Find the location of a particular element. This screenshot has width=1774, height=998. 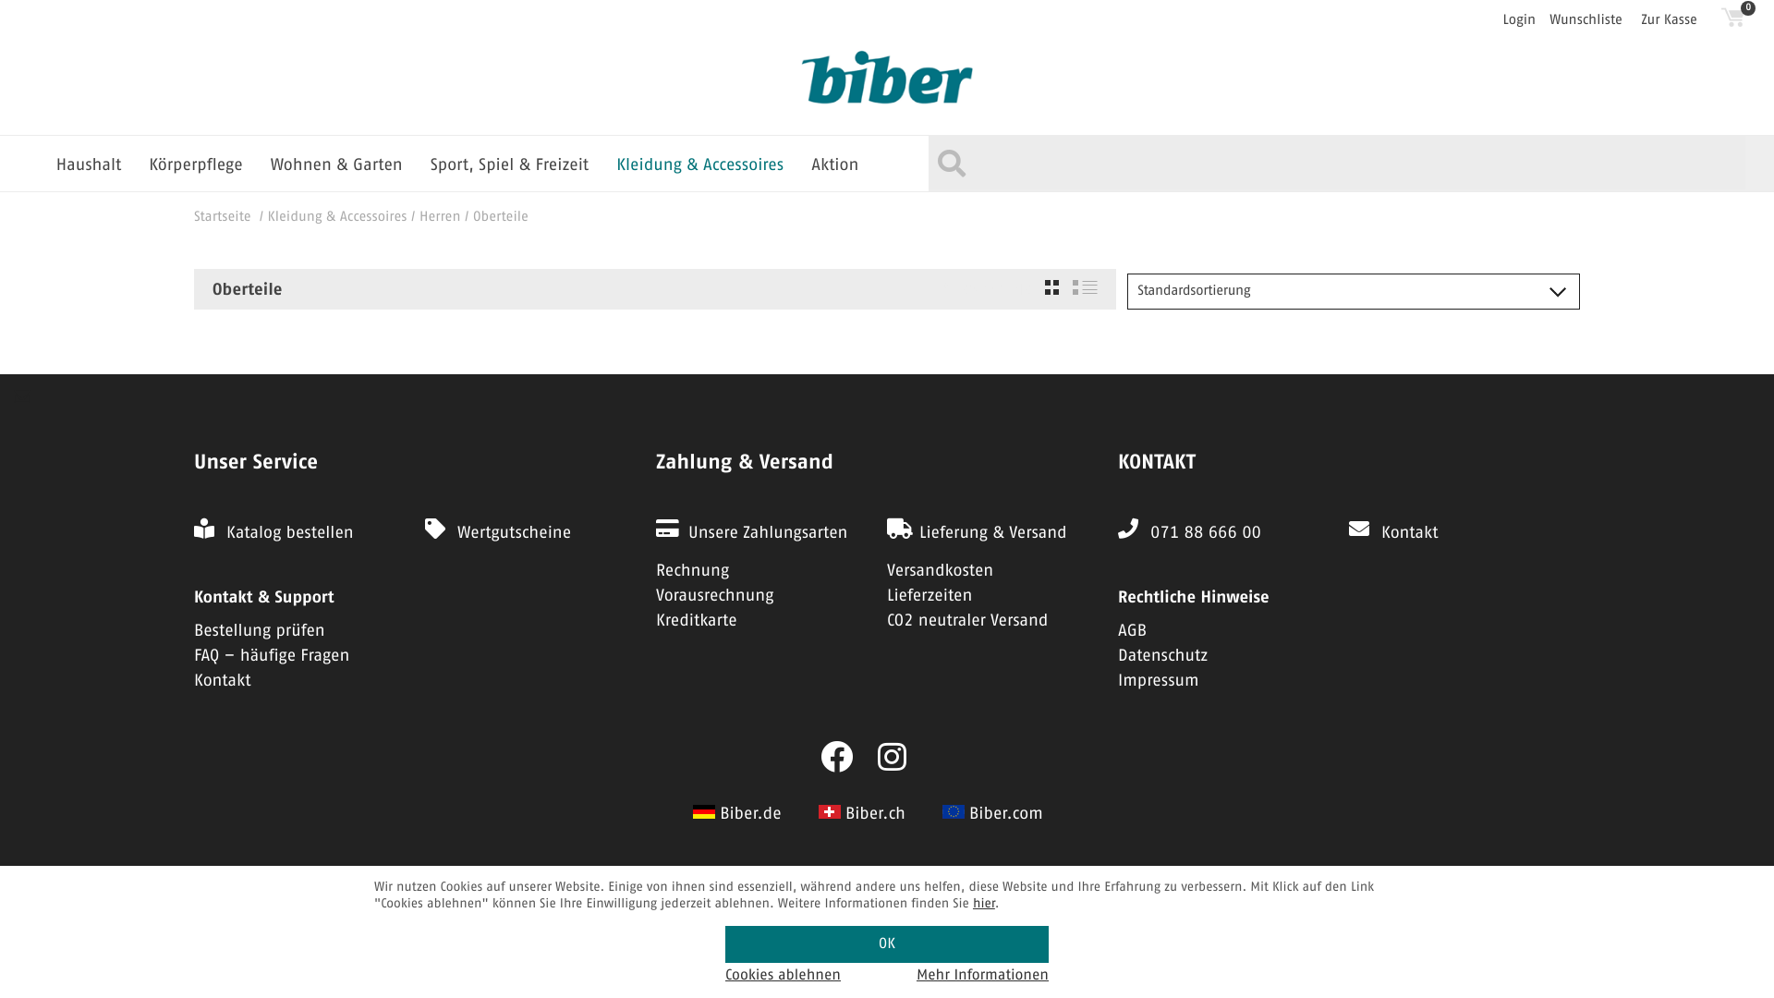

'Lieferung & Versand' is located at coordinates (992, 533).